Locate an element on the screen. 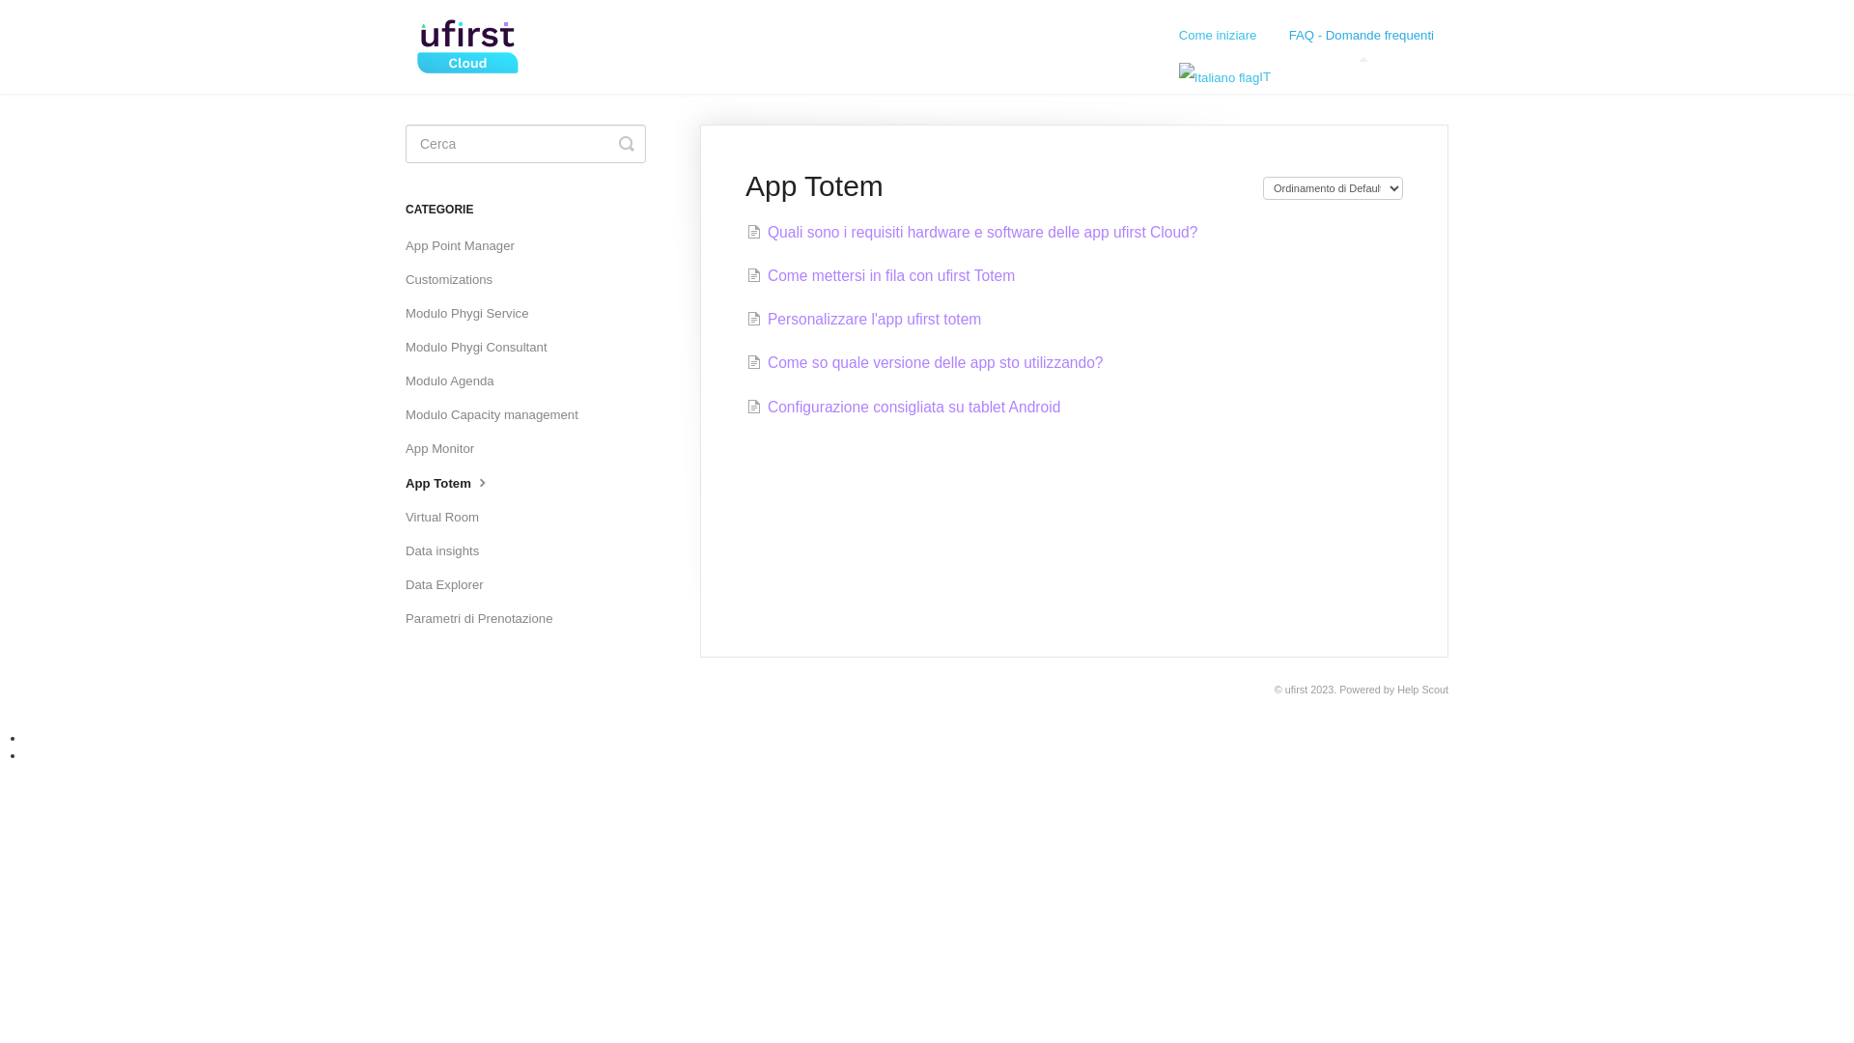 This screenshot has width=1854, height=1043. 'Come so quale versione delle app sto utilizzando?' is located at coordinates (924, 362).